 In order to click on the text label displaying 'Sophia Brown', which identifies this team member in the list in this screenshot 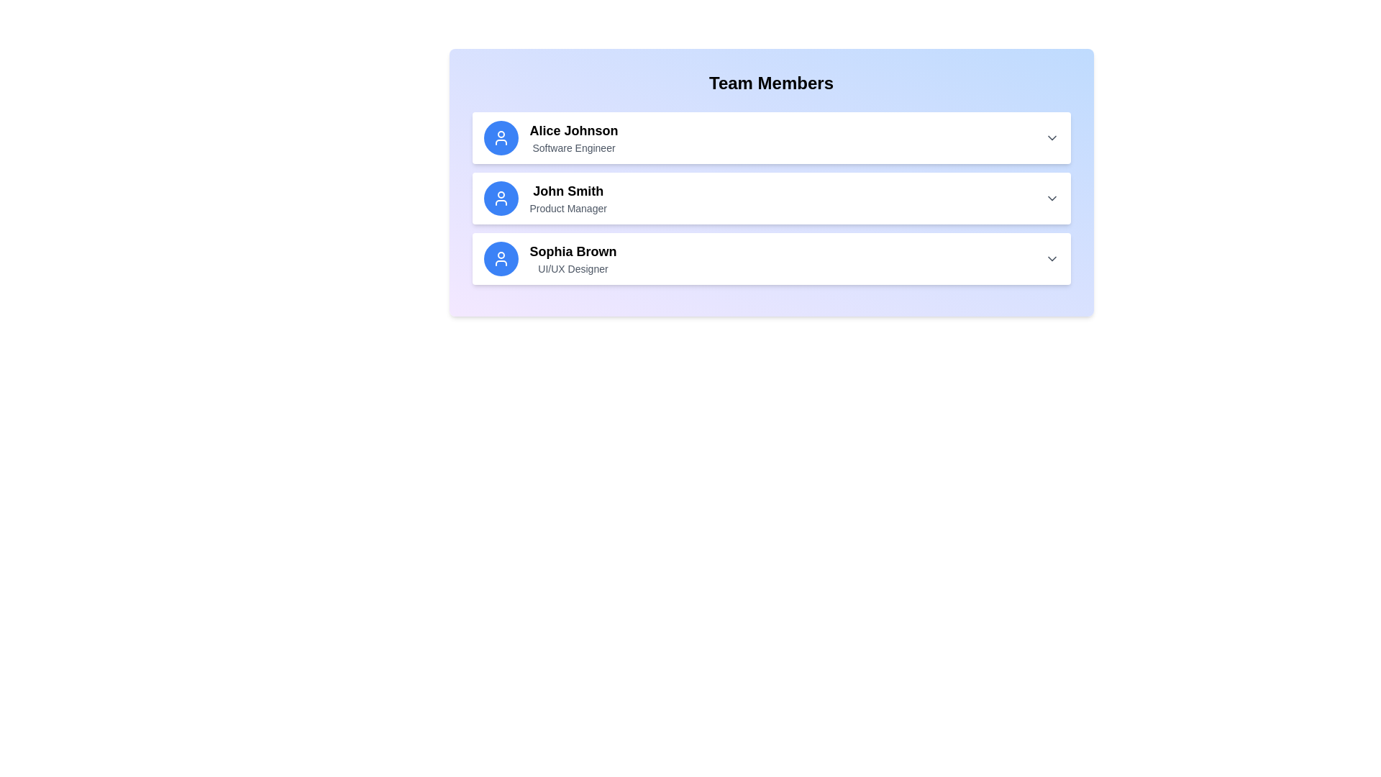, I will do `click(572, 251)`.